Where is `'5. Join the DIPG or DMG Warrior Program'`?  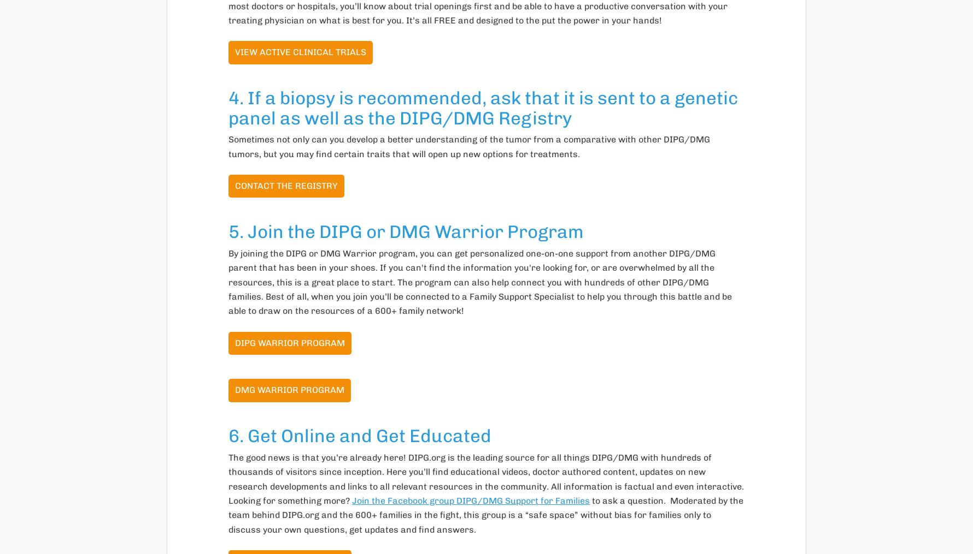 '5. Join the DIPG or DMG Warrior Program' is located at coordinates (406, 231).